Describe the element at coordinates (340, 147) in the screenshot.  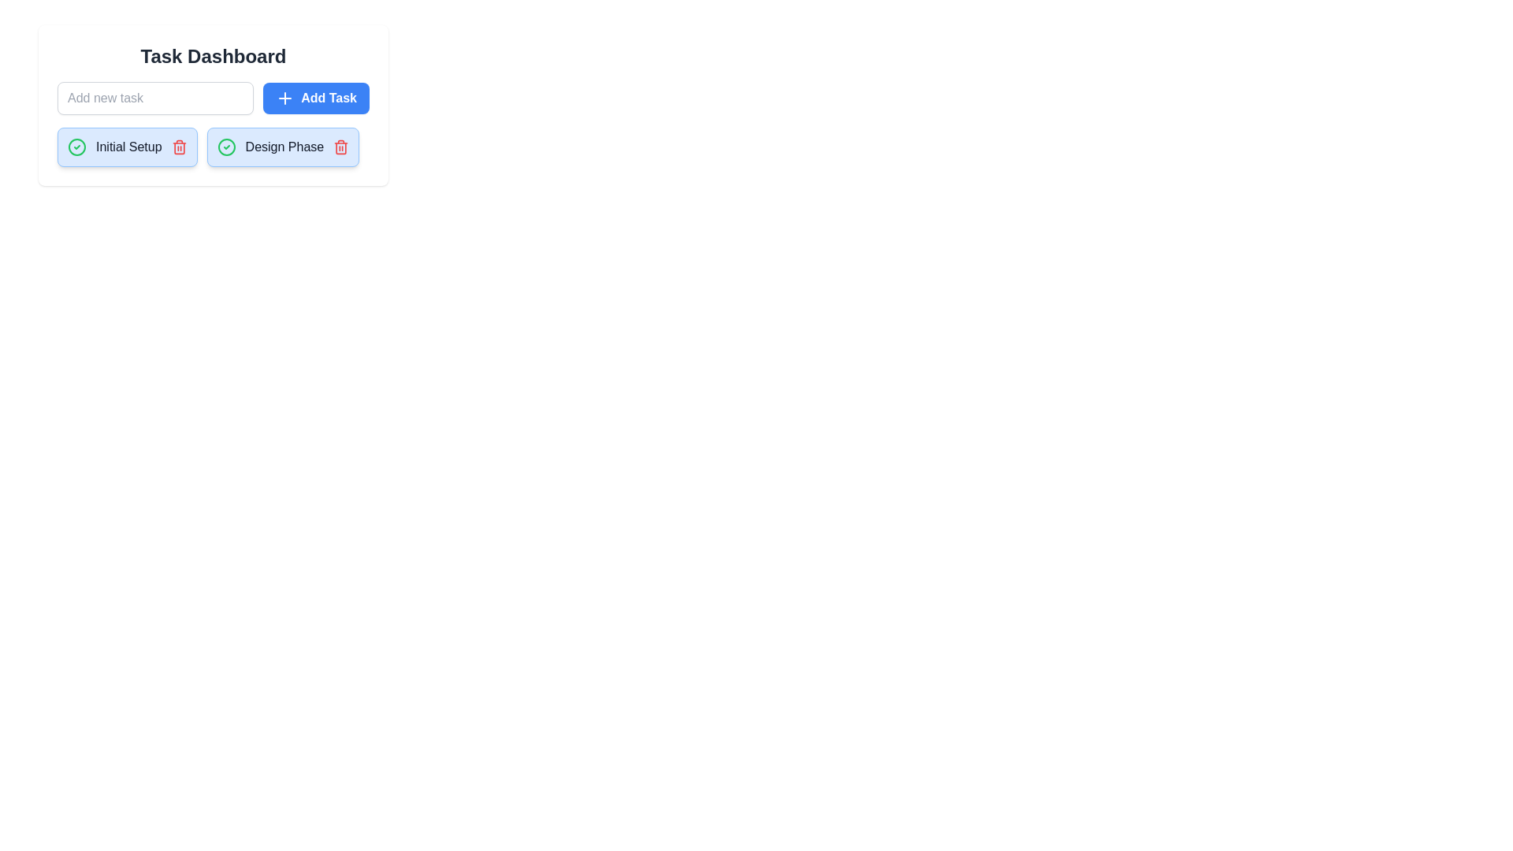
I see `the trash icon next to the task Design Phase to remove it` at that location.